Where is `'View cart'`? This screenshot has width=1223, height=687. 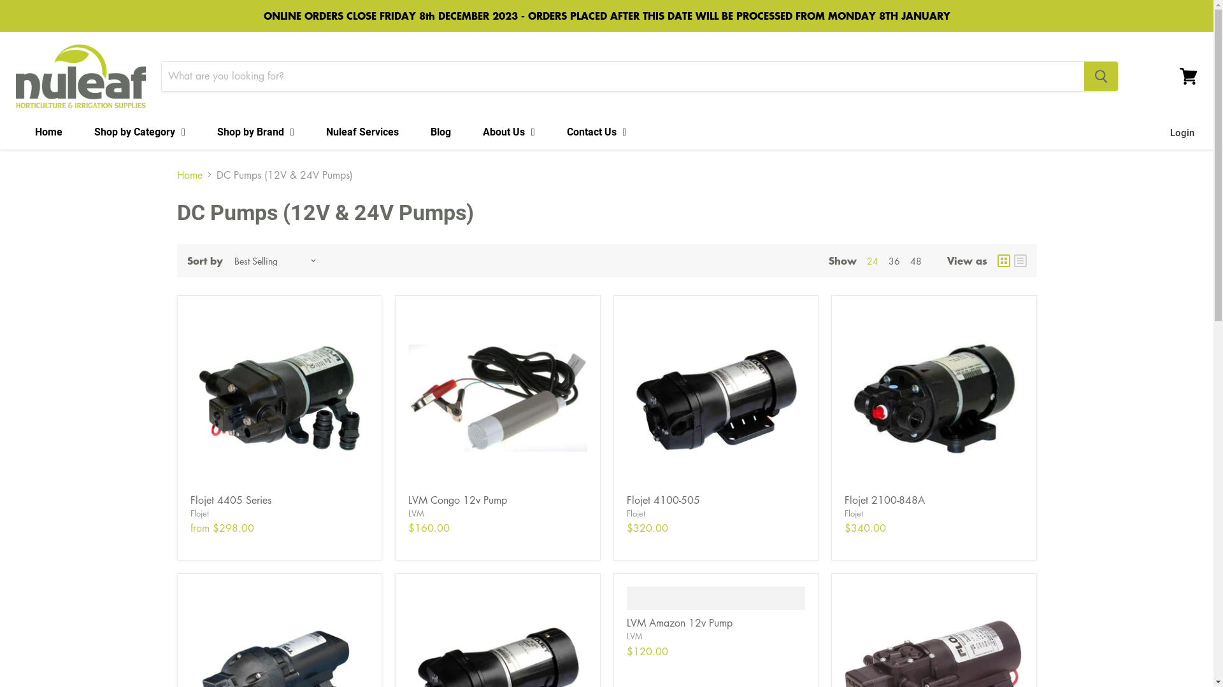 'View cart' is located at coordinates (1173, 76).